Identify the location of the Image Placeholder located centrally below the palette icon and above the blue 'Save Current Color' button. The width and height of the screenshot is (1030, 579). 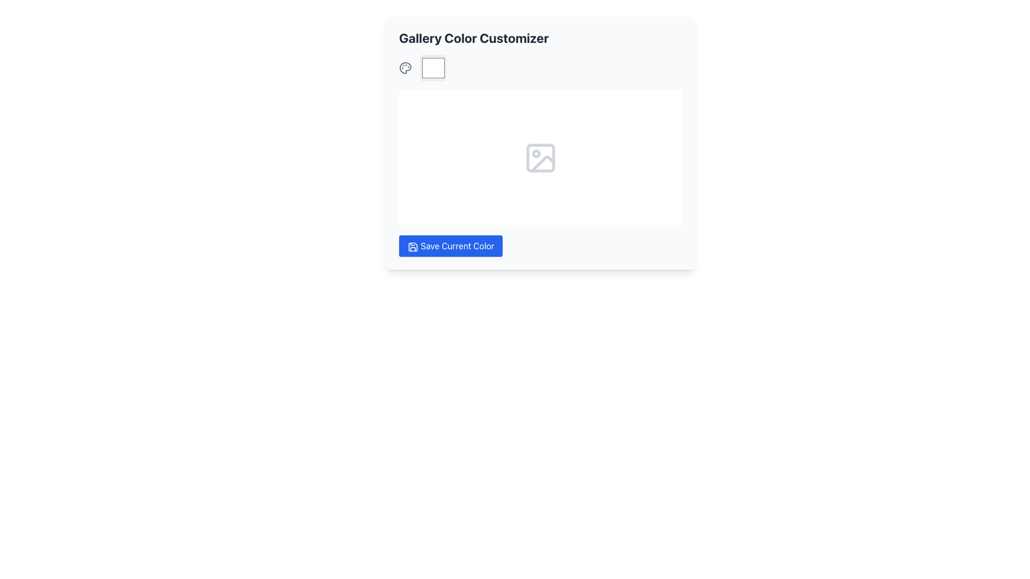
(541, 155).